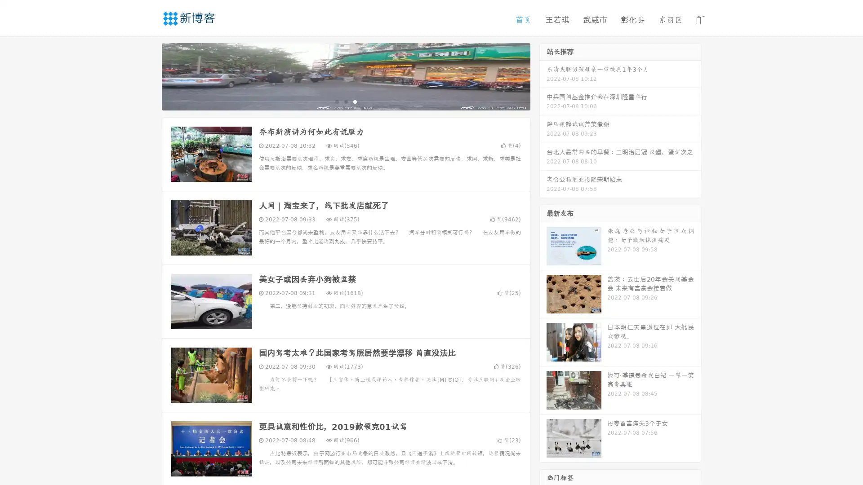 This screenshot has width=863, height=485. Describe the element at coordinates (543, 75) in the screenshot. I see `Next slide` at that location.